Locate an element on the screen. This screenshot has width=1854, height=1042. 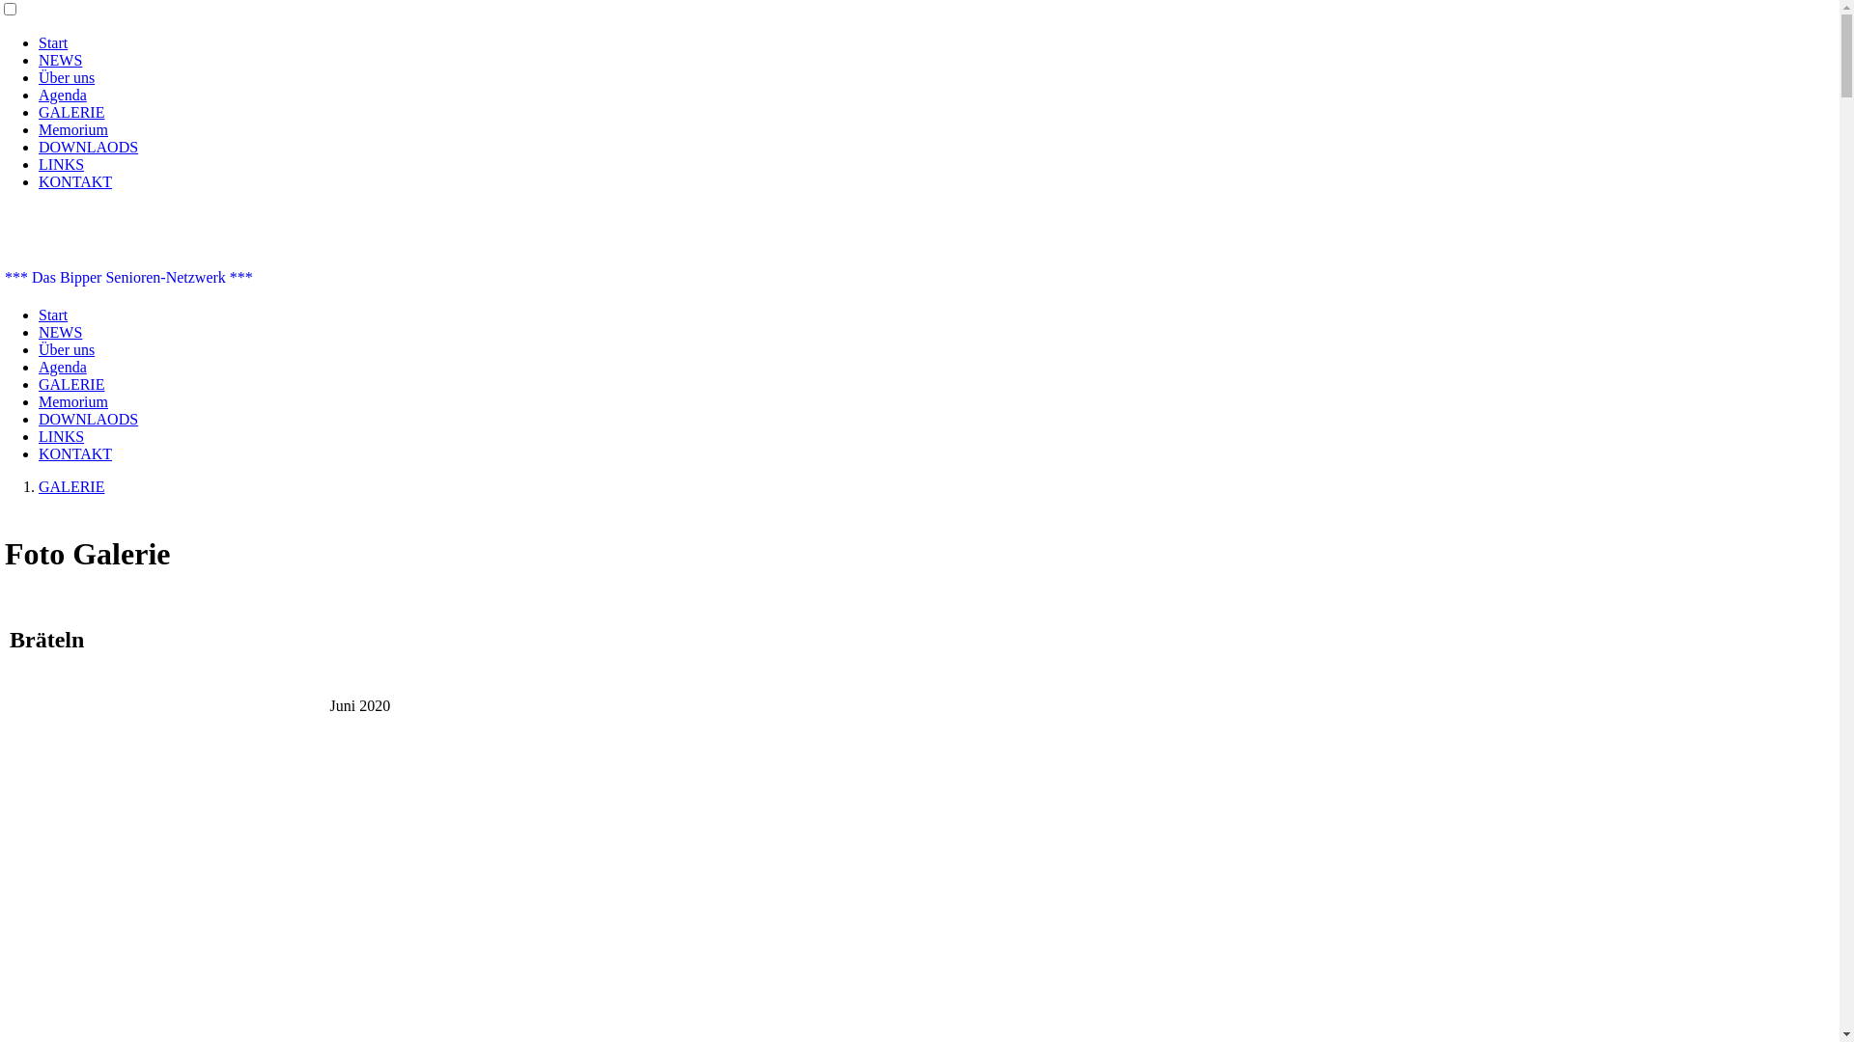
'KONTAKT' is located at coordinates (38, 181).